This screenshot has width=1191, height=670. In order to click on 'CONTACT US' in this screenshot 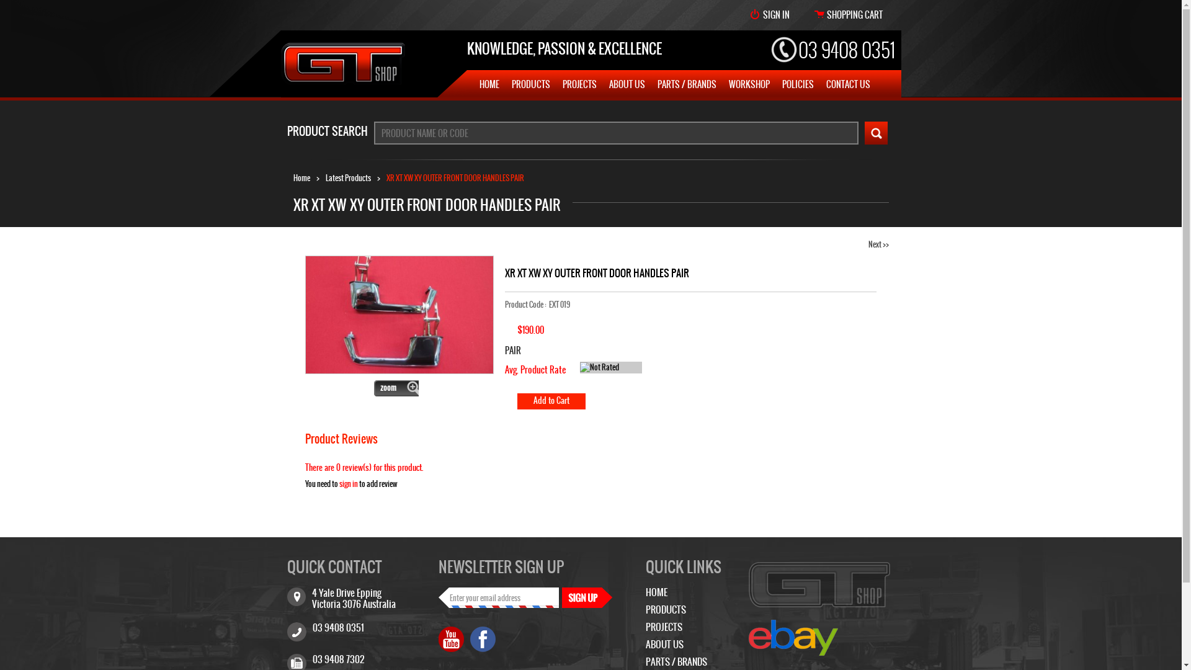, I will do `click(847, 84)`.